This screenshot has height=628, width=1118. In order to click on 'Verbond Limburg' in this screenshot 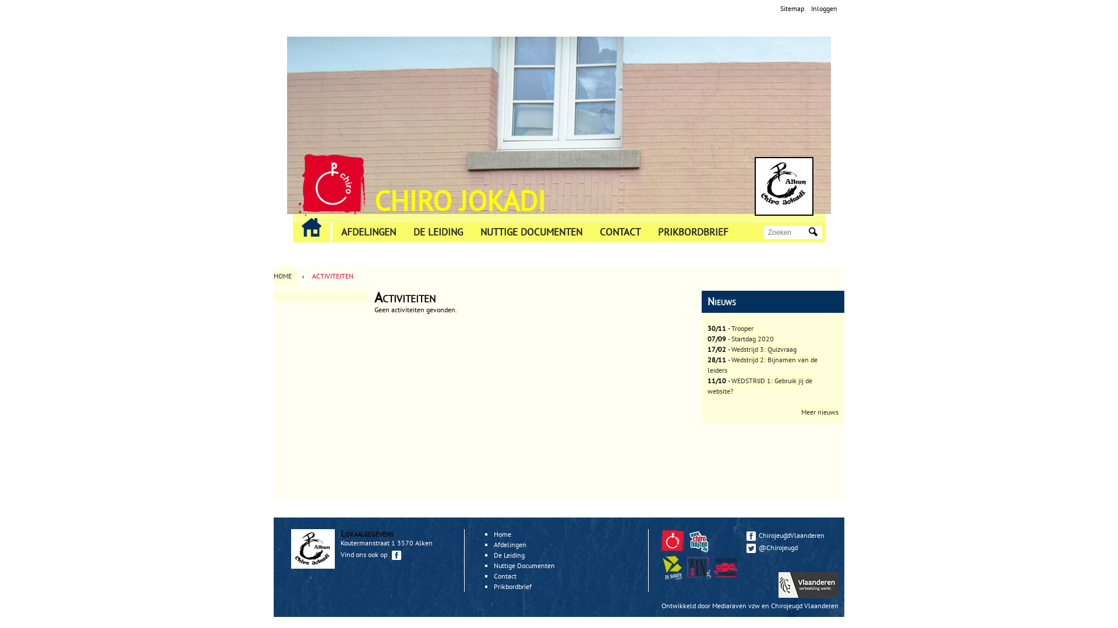, I will do `click(725, 567)`.